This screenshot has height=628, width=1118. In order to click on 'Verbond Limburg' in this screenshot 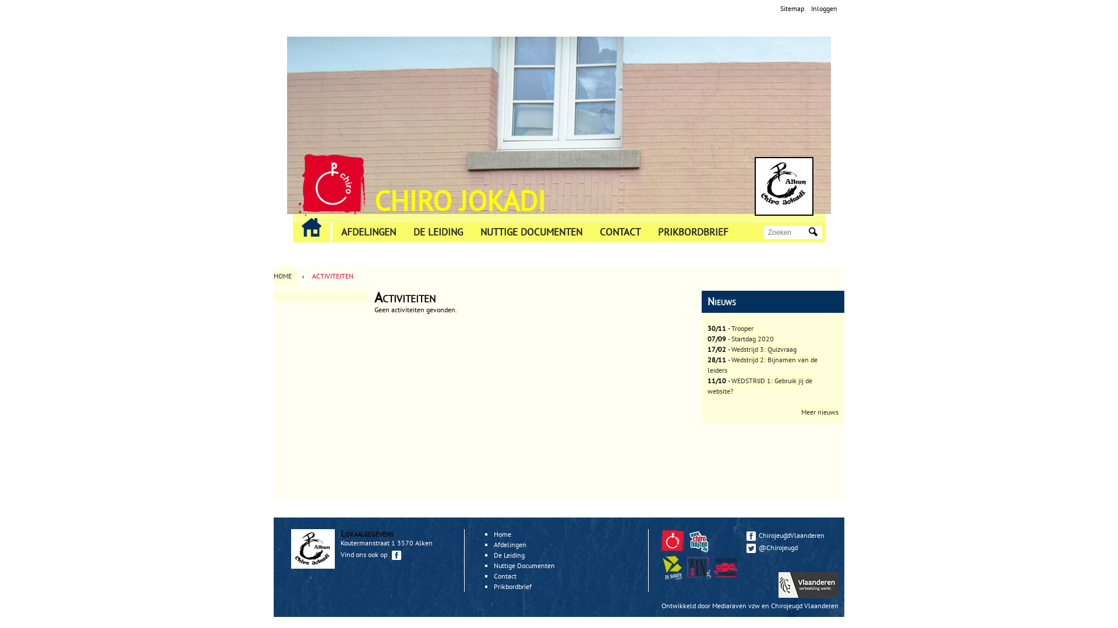, I will do `click(725, 567)`.